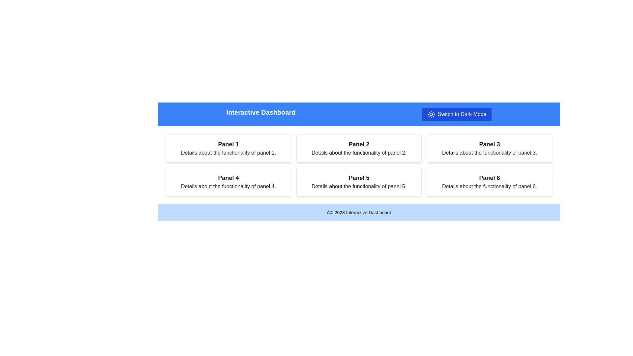 This screenshot has height=356, width=633. What do you see at coordinates (489, 182) in the screenshot?
I see `the Informational panel displaying information about 'Panel 6', located in the bottom-right corner of the 3x2 grid layout` at bounding box center [489, 182].